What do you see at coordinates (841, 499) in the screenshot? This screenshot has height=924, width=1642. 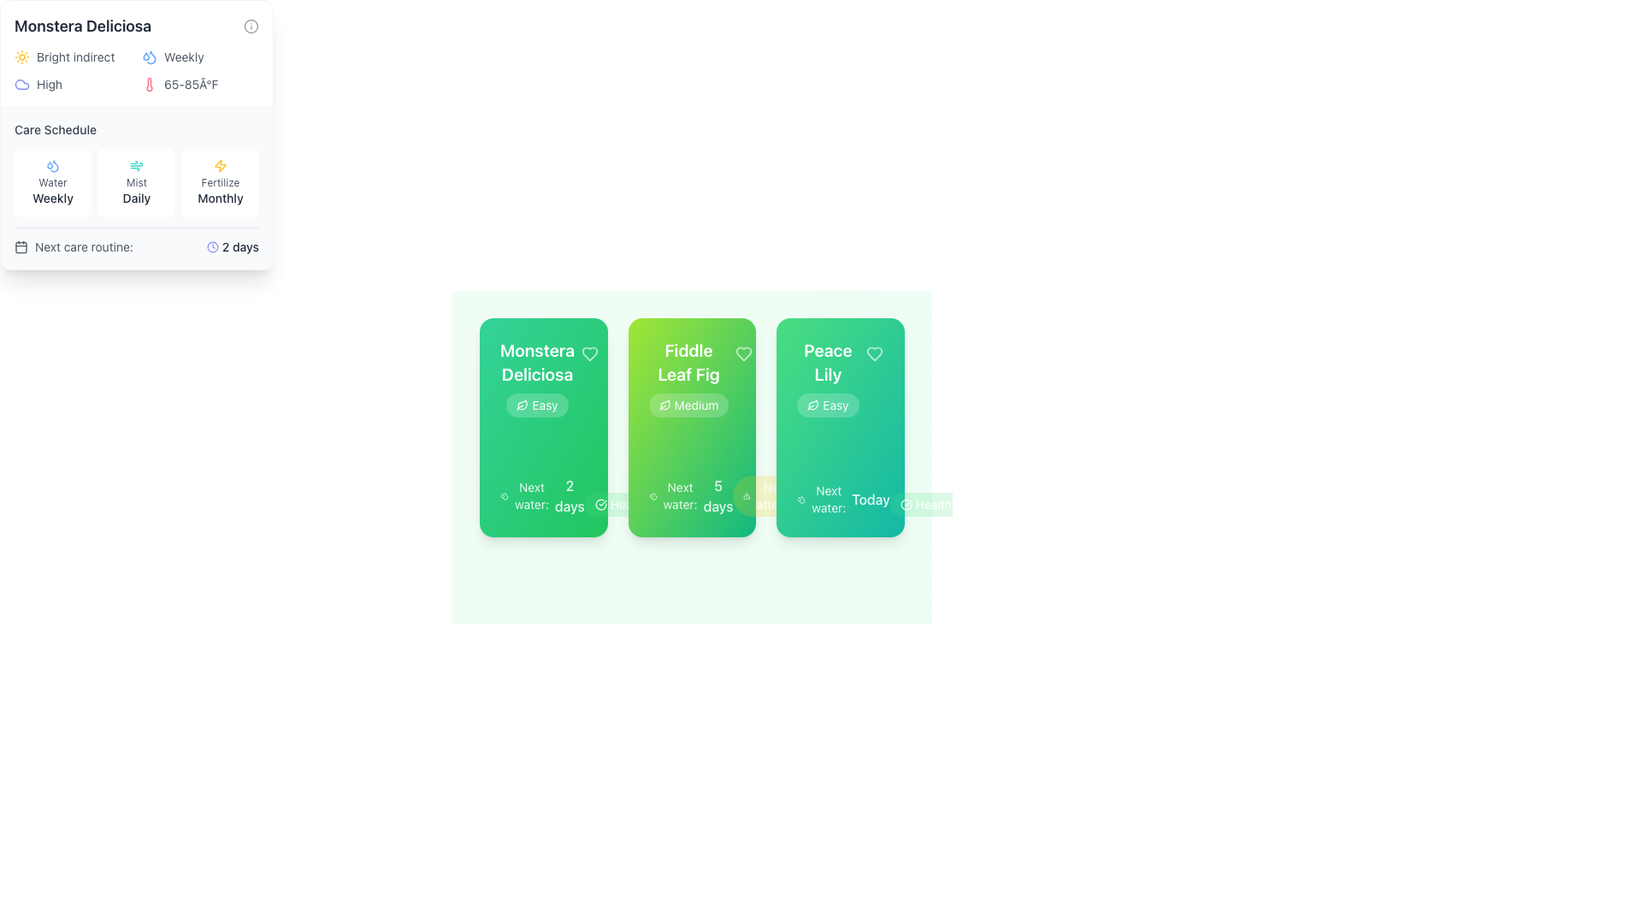 I see `information displayed in the text label showing 'Next water: Today' located in the card for 'Peace Lily' at the bottom center-right` at bounding box center [841, 499].